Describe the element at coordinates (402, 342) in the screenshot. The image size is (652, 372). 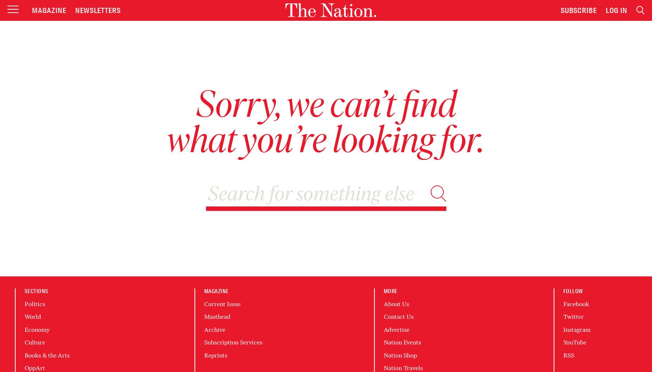
I see `'Nation Events'` at that location.